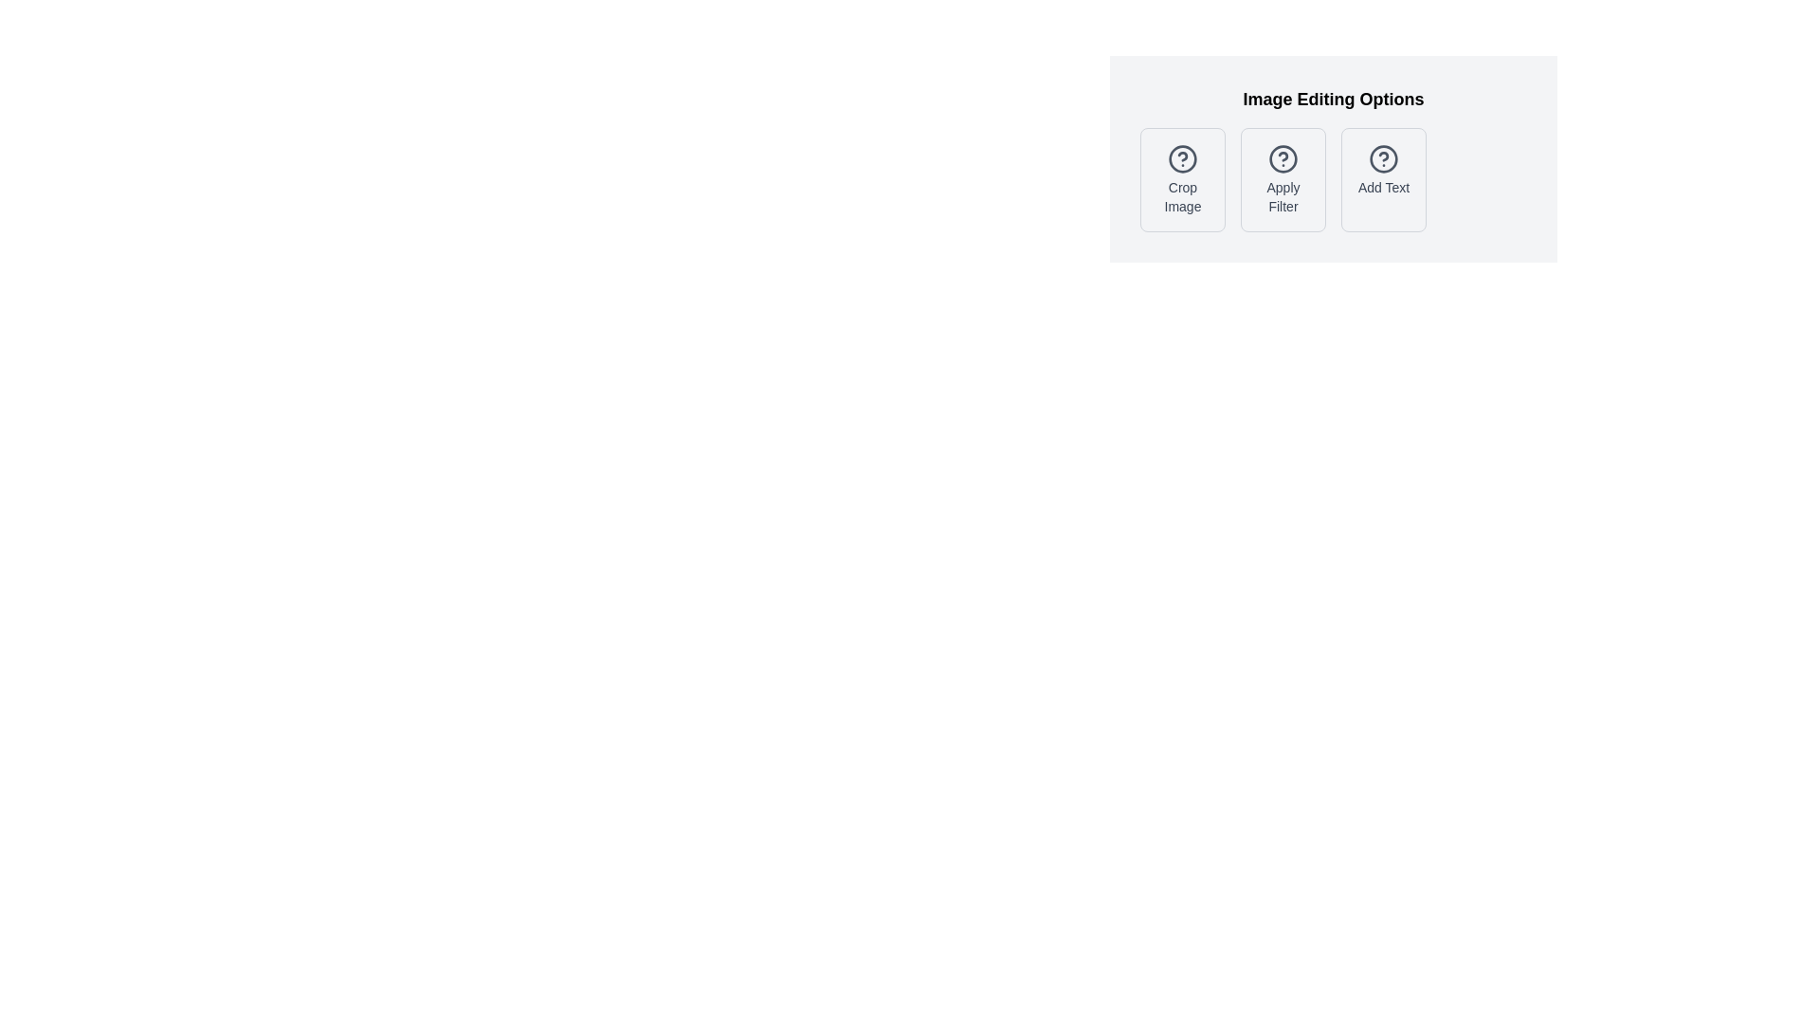 The image size is (1820, 1024). Describe the element at coordinates (1383, 158) in the screenshot. I see `the 'Add Text' icon located above the text label 'Add Text' in the 'Image Editing Options' section` at that location.